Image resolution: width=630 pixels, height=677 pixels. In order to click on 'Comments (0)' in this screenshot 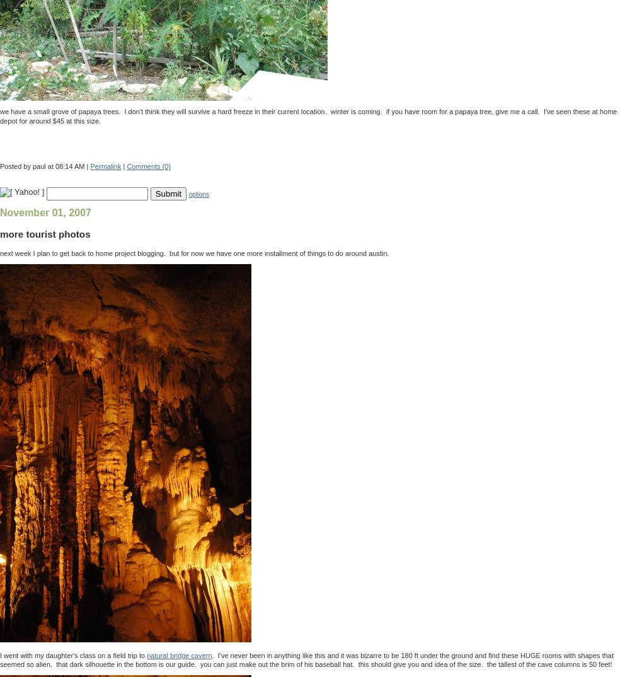, I will do `click(148, 165)`.